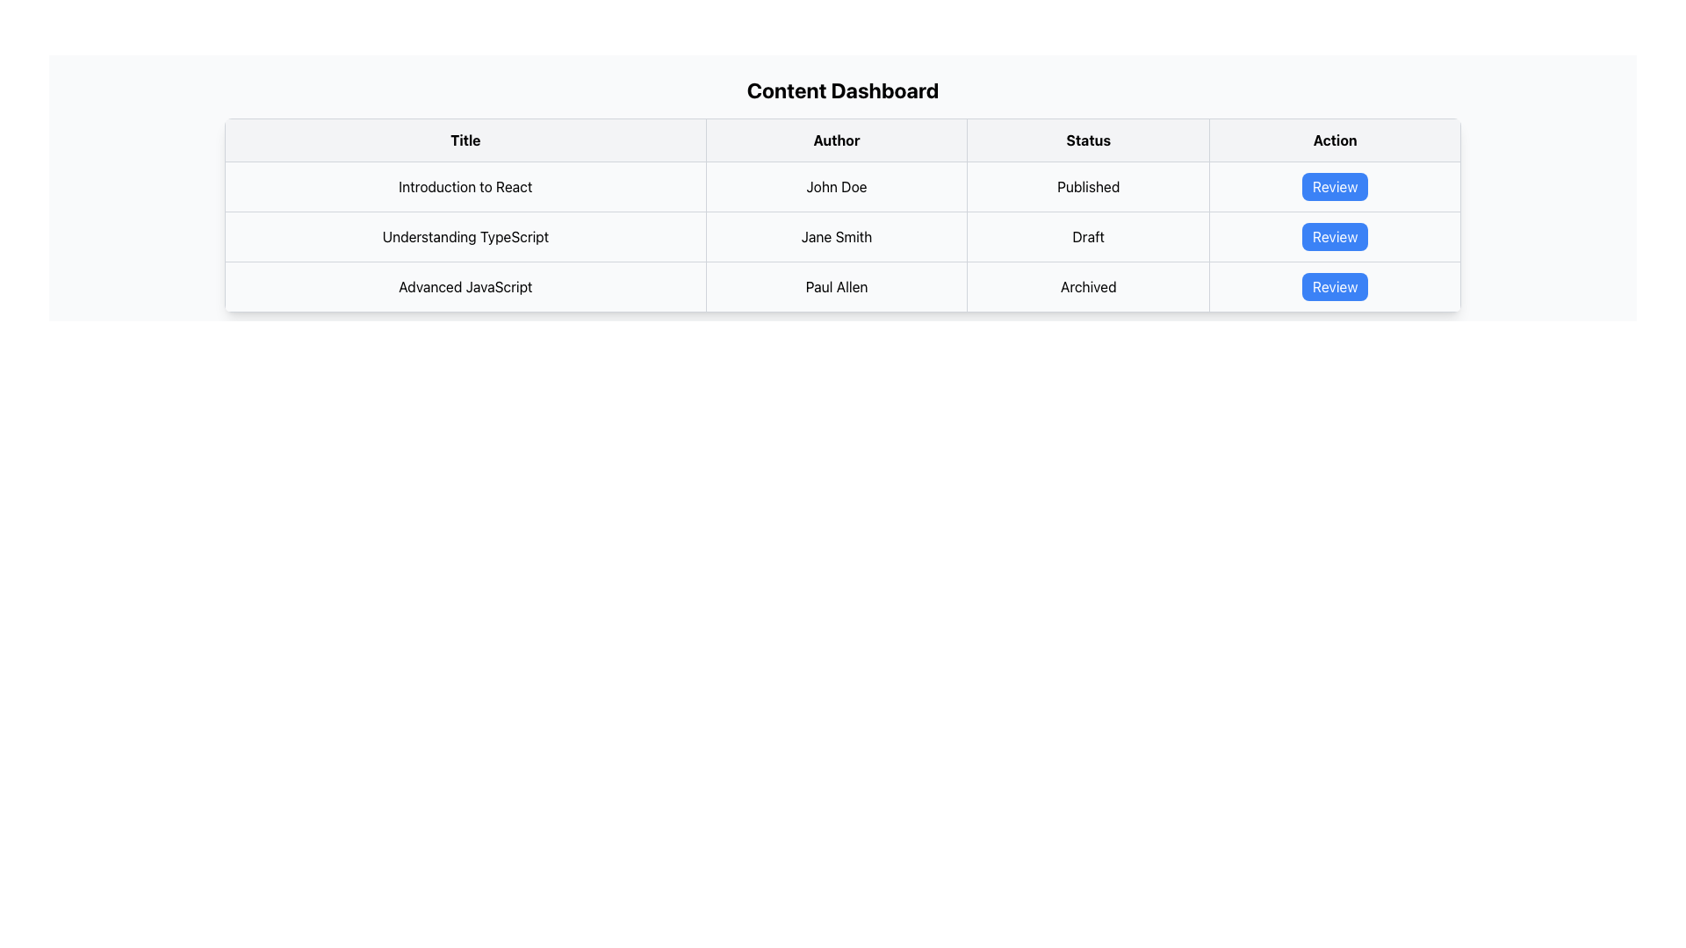 The height and width of the screenshot is (948, 1686). What do you see at coordinates (1335, 286) in the screenshot?
I see `the button located in the 'Action' column of the table corresponding to 'Advanced JavaScript'` at bounding box center [1335, 286].